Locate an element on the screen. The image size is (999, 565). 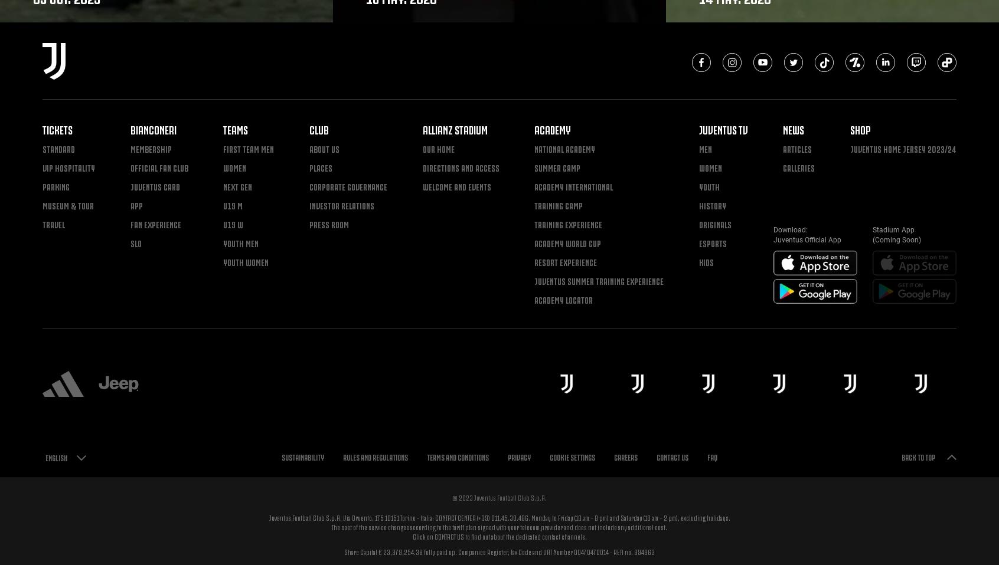
'Juventus Official App' is located at coordinates (807, 239).